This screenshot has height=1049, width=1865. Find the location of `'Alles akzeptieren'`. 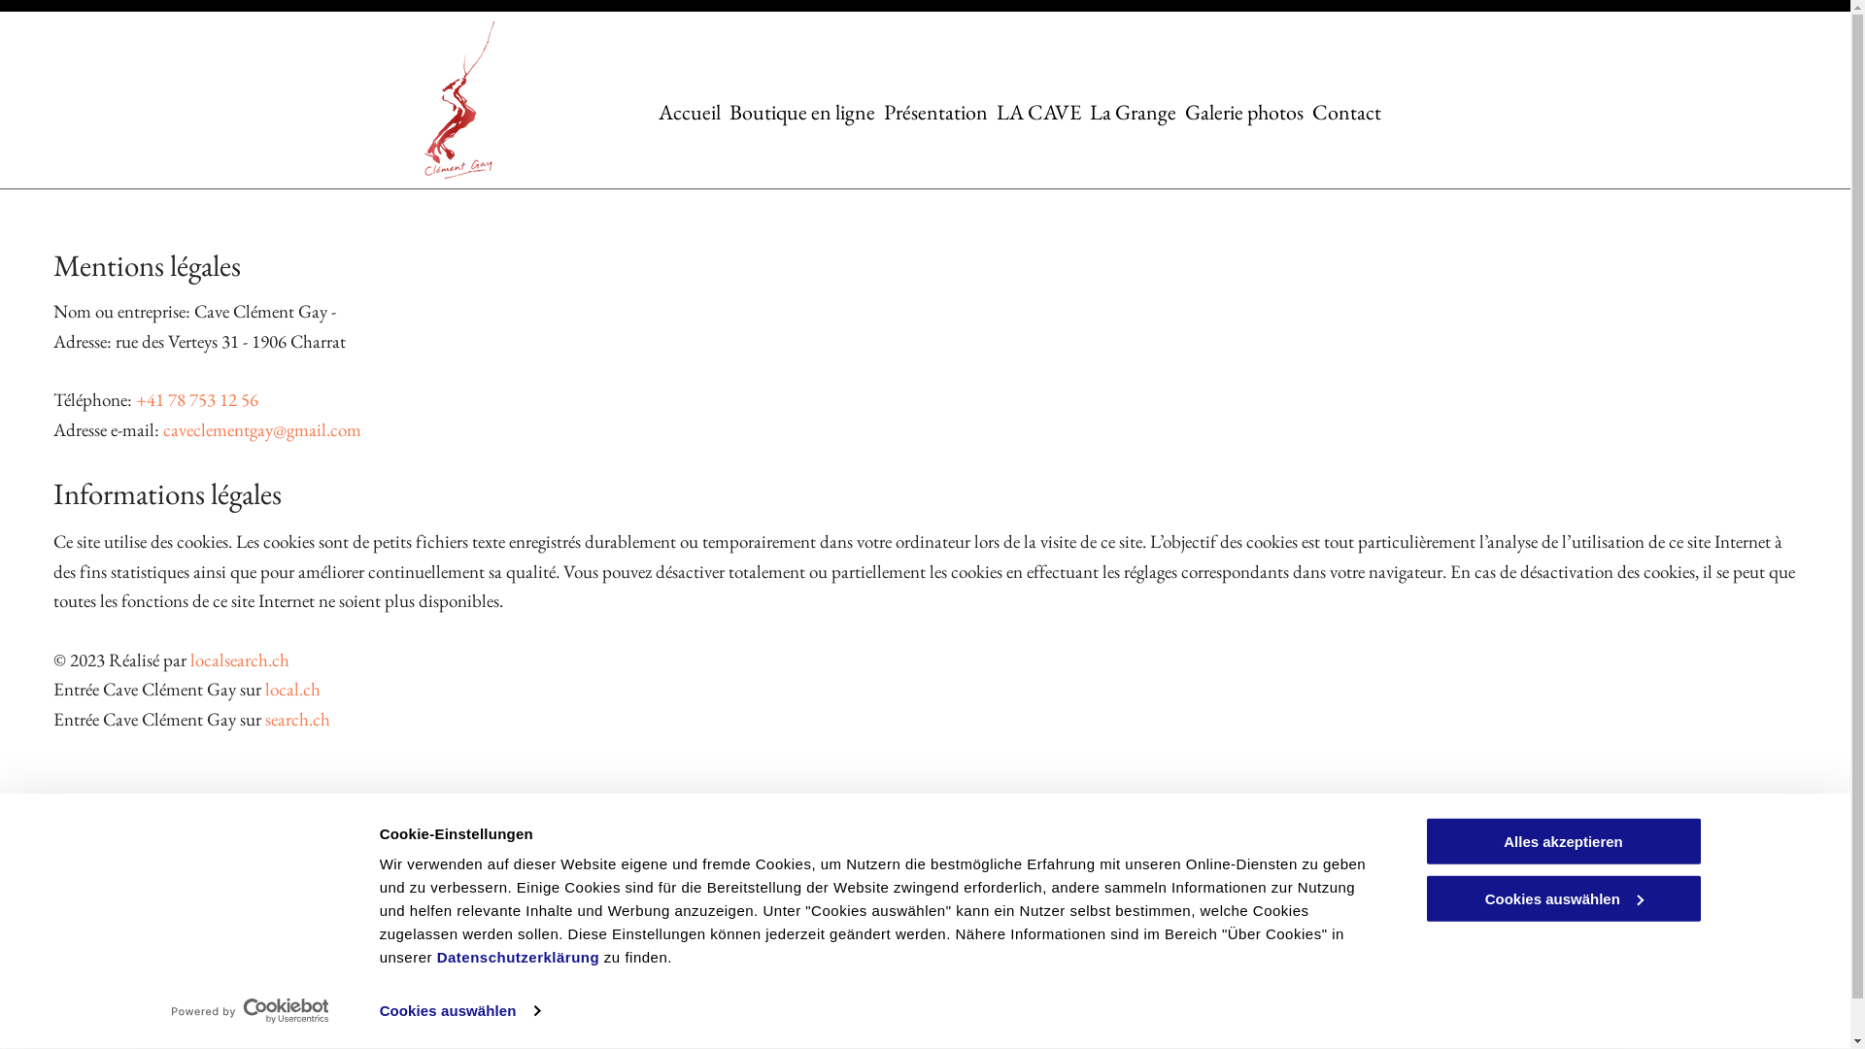

'Alles akzeptieren' is located at coordinates (1562, 840).